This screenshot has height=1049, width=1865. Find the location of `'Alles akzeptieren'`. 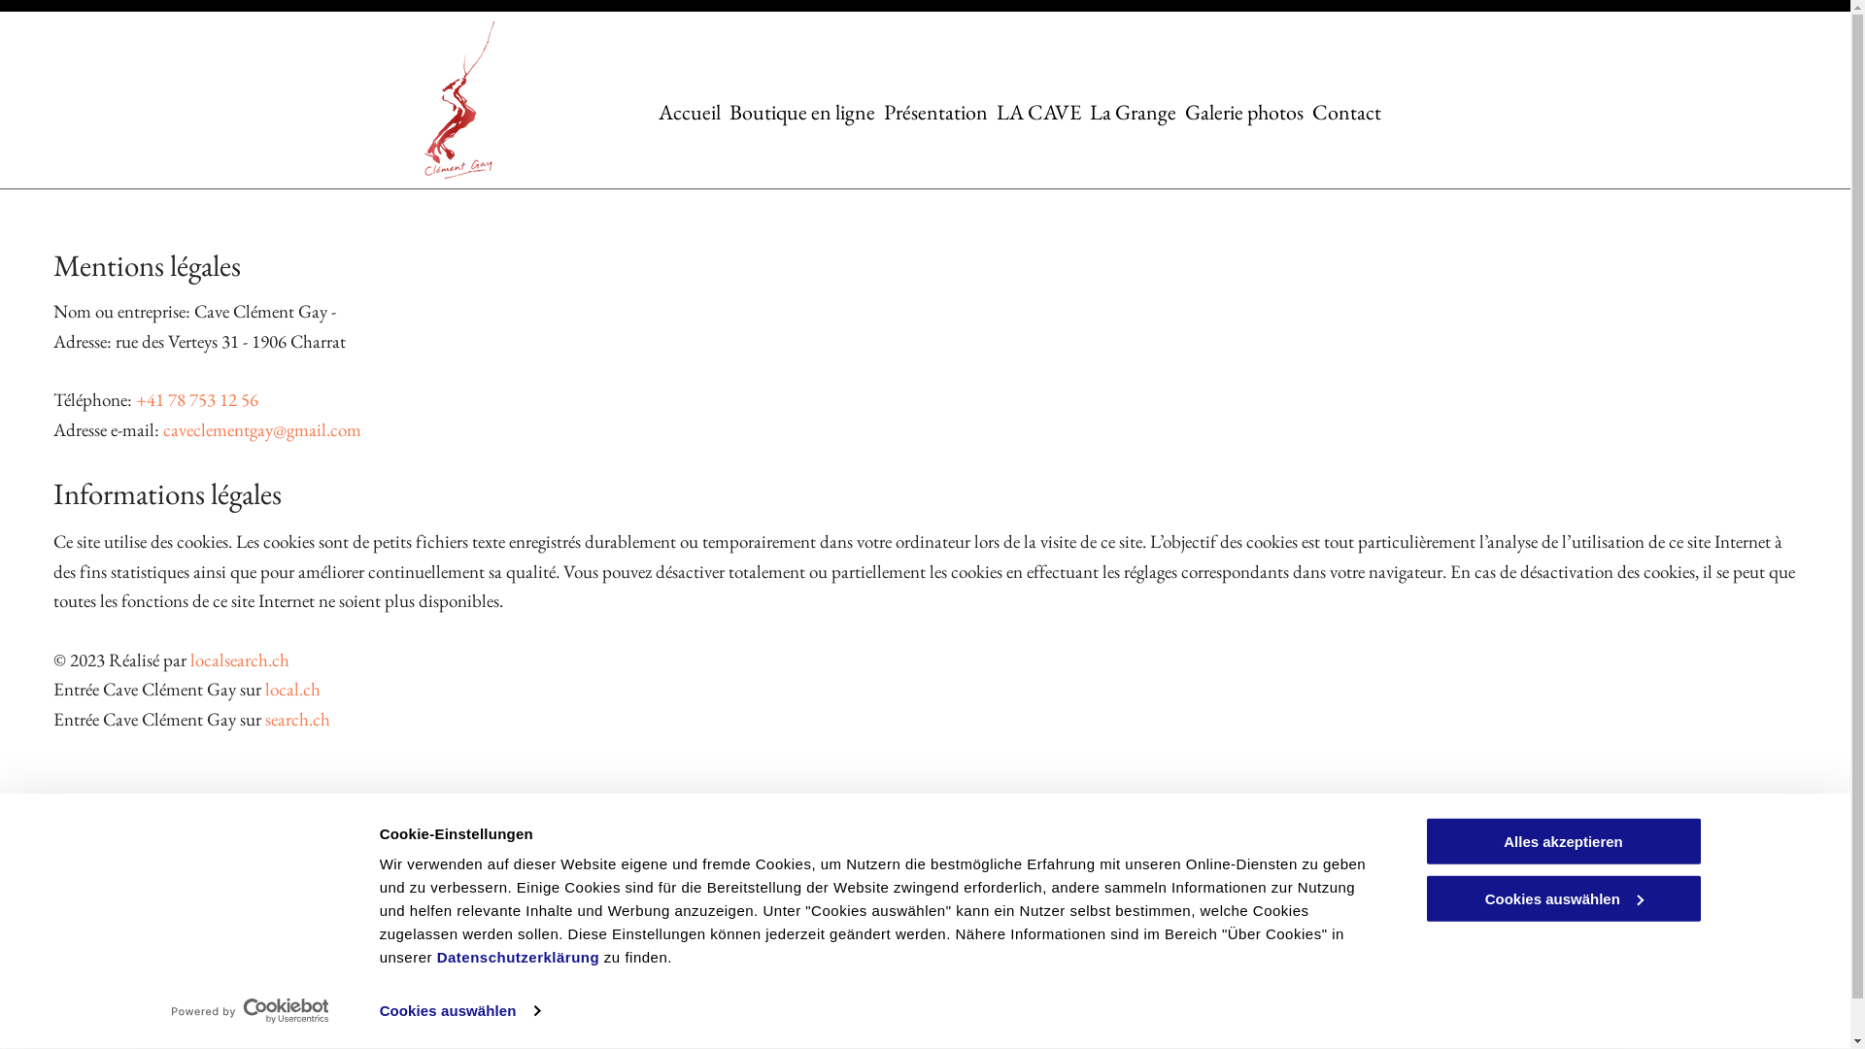

'Alles akzeptieren' is located at coordinates (1562, 840).